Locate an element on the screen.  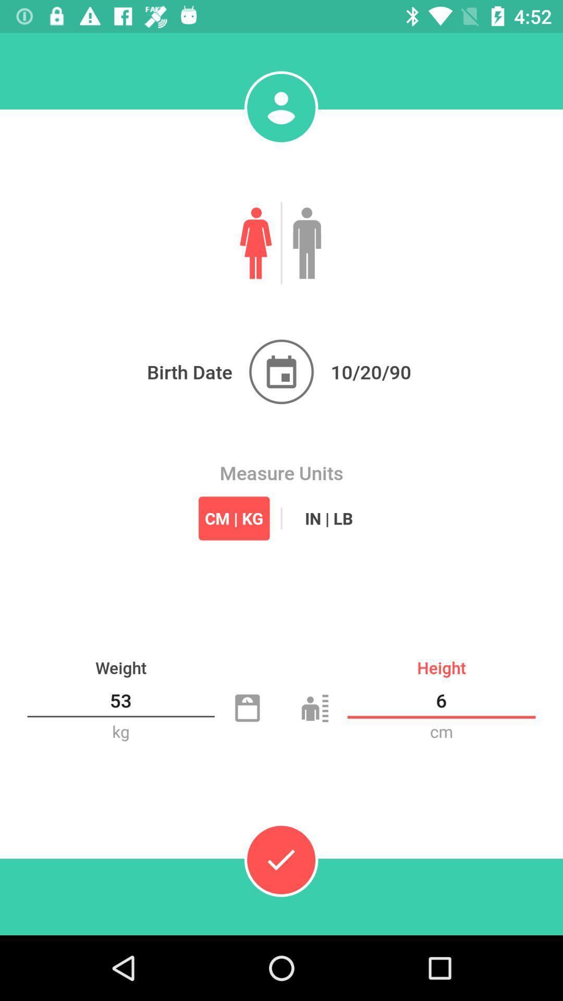
progress is located at coordinates (280, 860).